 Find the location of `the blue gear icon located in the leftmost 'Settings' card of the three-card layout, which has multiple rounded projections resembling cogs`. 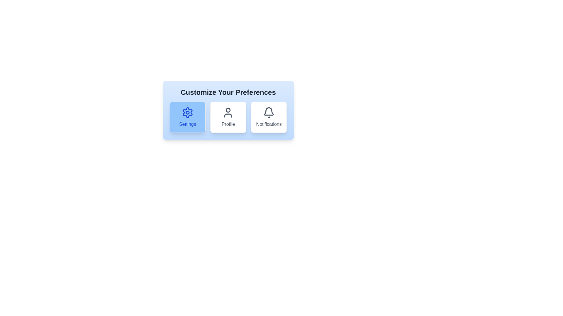

the blue gear icon located in the leftmost 'Settings' card of the three-card layout, which has multiple rounded projections resembling cogs is located at coordinates (187, 113).